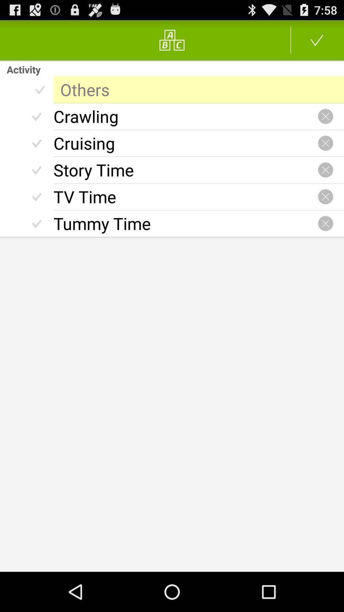 This screenshot has width=344, height=612. Describe the element at coordinates (326, 116) in the screenshot. I see `close option` at that location.